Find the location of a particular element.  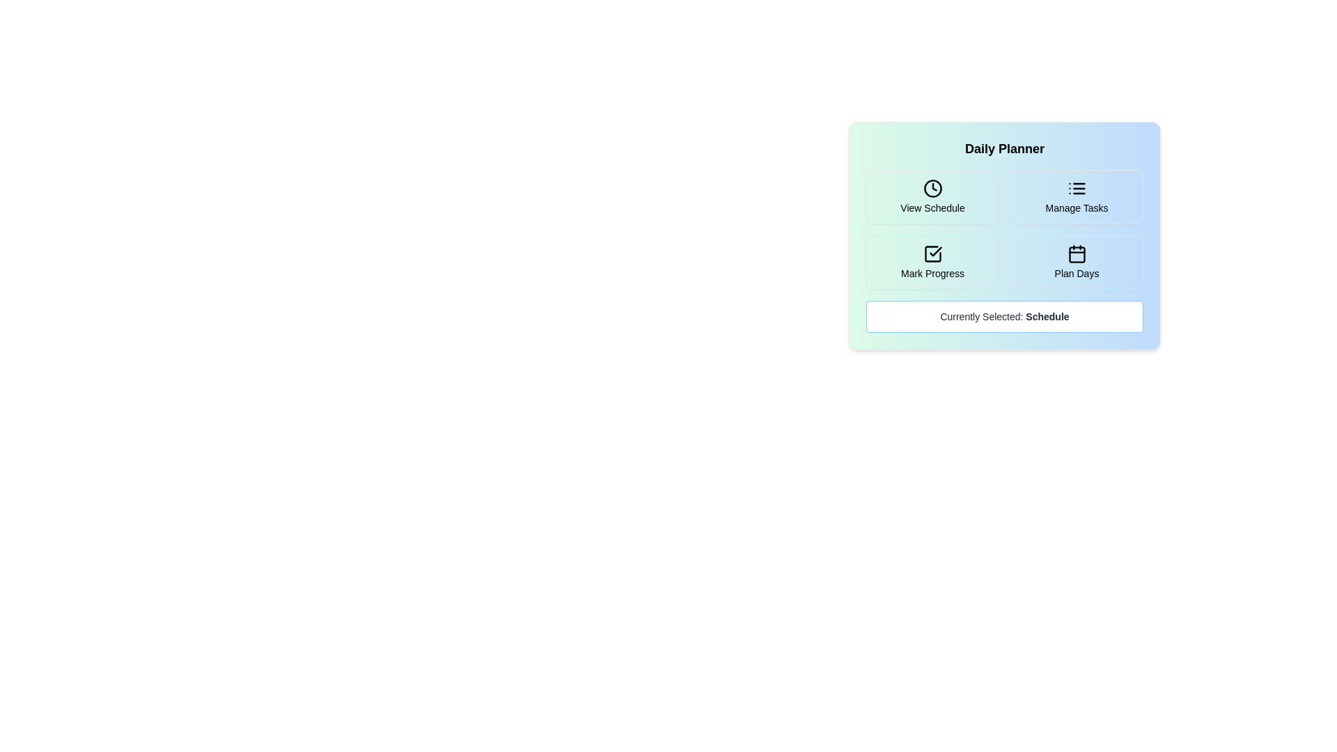

the button corresponding to the activity Manage Tasks is located at coordinates (1076, 196).